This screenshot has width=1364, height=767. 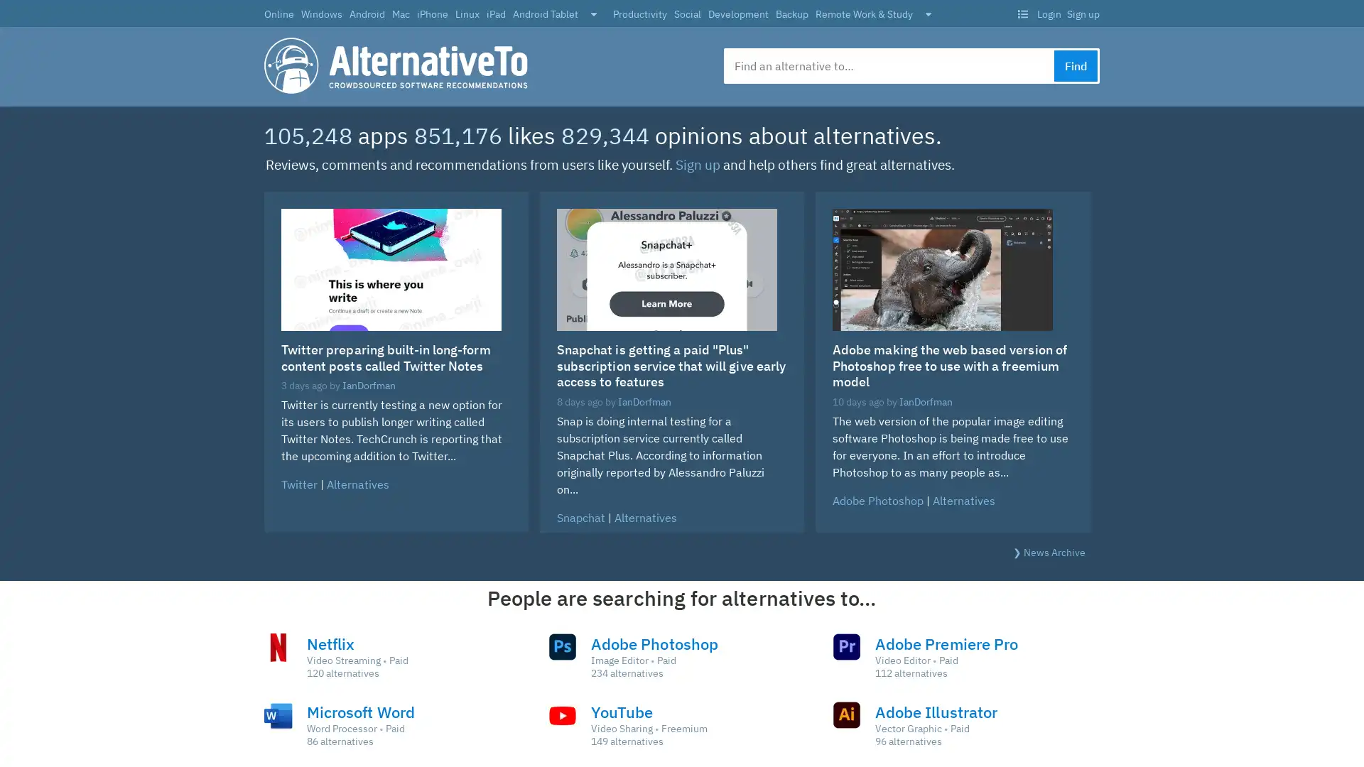 What do you see at coordinates (593, 15) in the screenshot?
I see `Show all platforms` at bounding box center [593, 15].